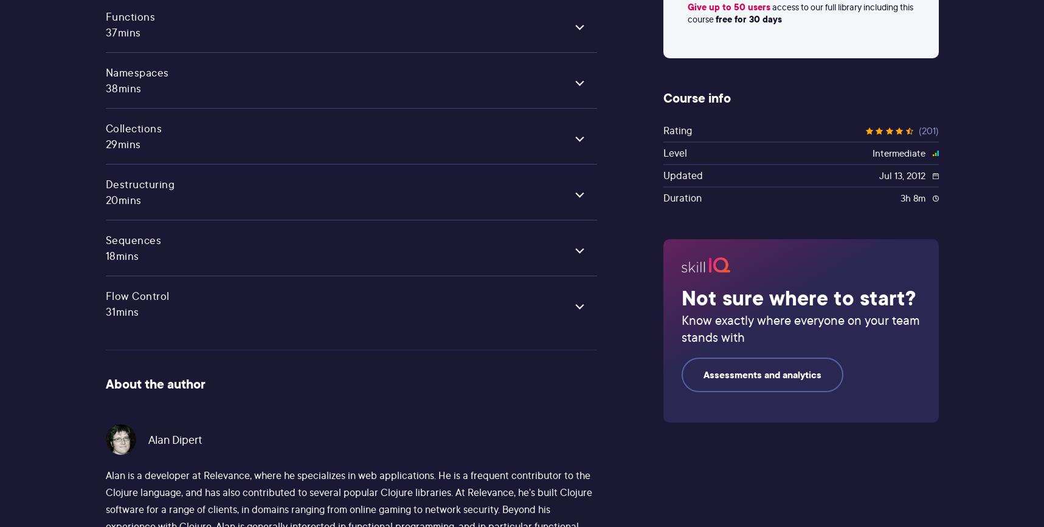 This screenshot has width=1044, height=527. Describe the element at coordinates (762, 374) in the screenshot. I see `'Assessments and analytics'` at that location.